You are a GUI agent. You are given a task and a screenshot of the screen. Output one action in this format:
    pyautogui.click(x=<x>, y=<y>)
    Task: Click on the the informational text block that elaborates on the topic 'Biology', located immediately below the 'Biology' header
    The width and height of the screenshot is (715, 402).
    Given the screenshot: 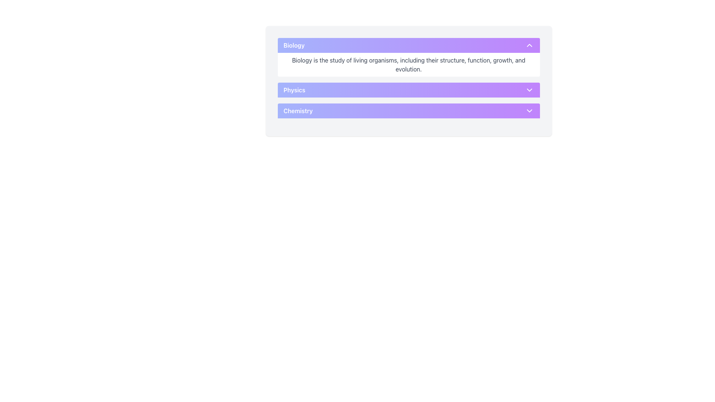 What is the action you would take?
    pyautogui.click(x=408, y=64)
    